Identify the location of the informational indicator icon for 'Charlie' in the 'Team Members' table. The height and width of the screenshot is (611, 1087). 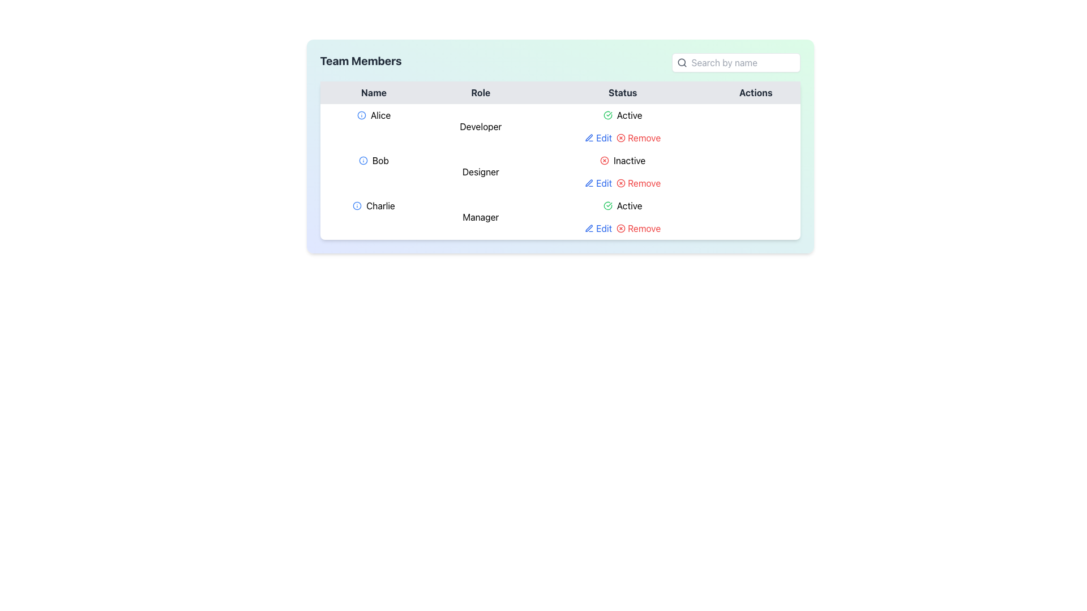
(357, 205).